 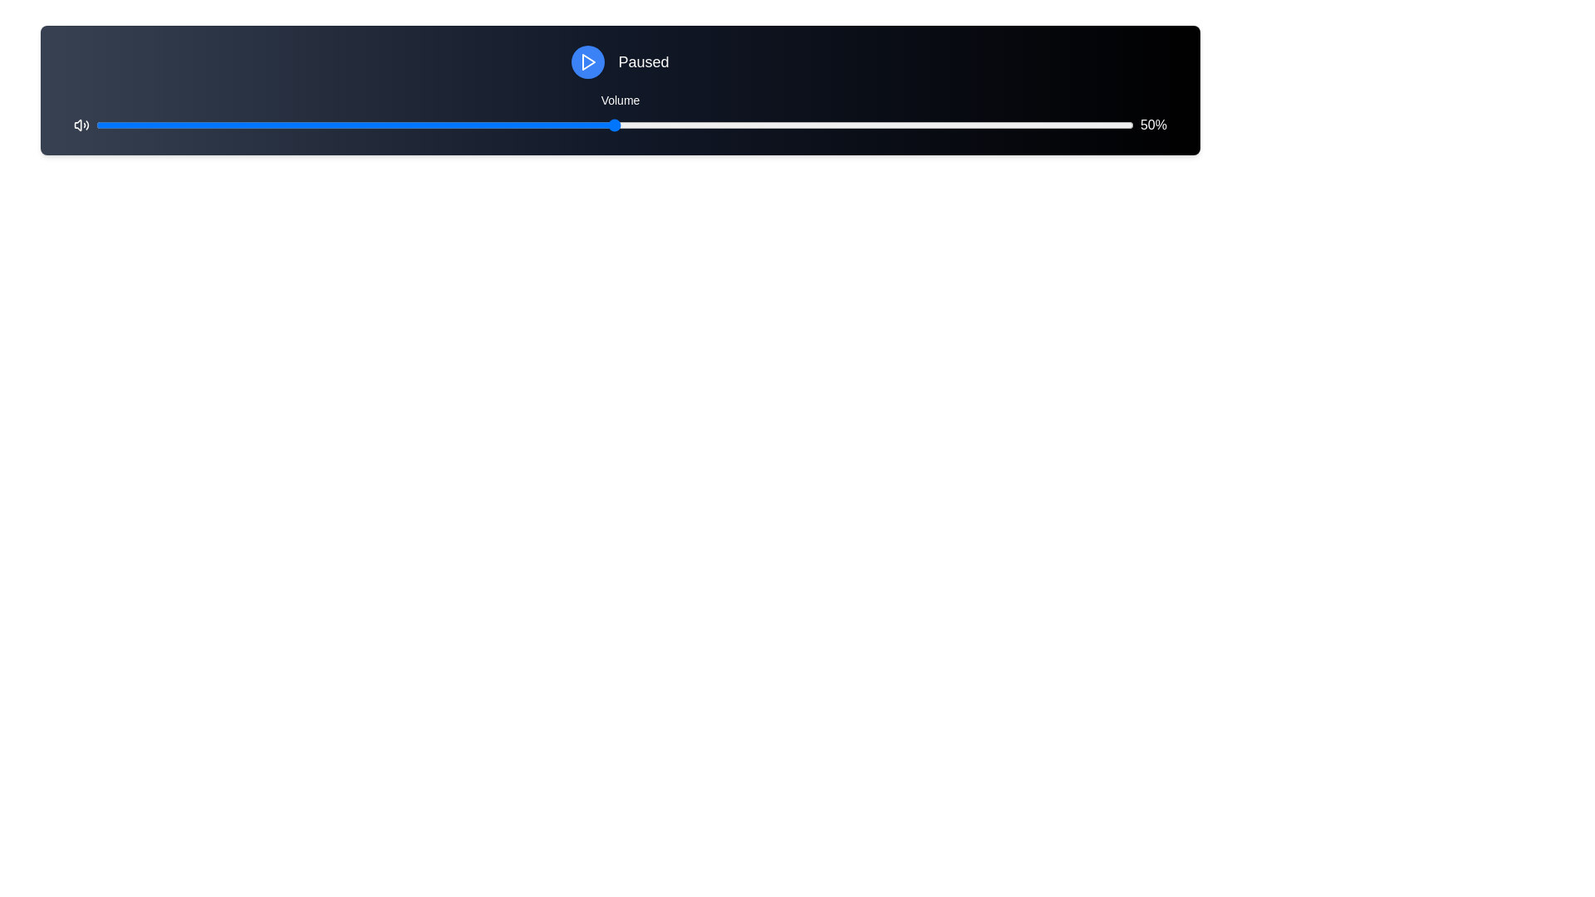 I want to click on the volume level, so click(x=822, y=124).